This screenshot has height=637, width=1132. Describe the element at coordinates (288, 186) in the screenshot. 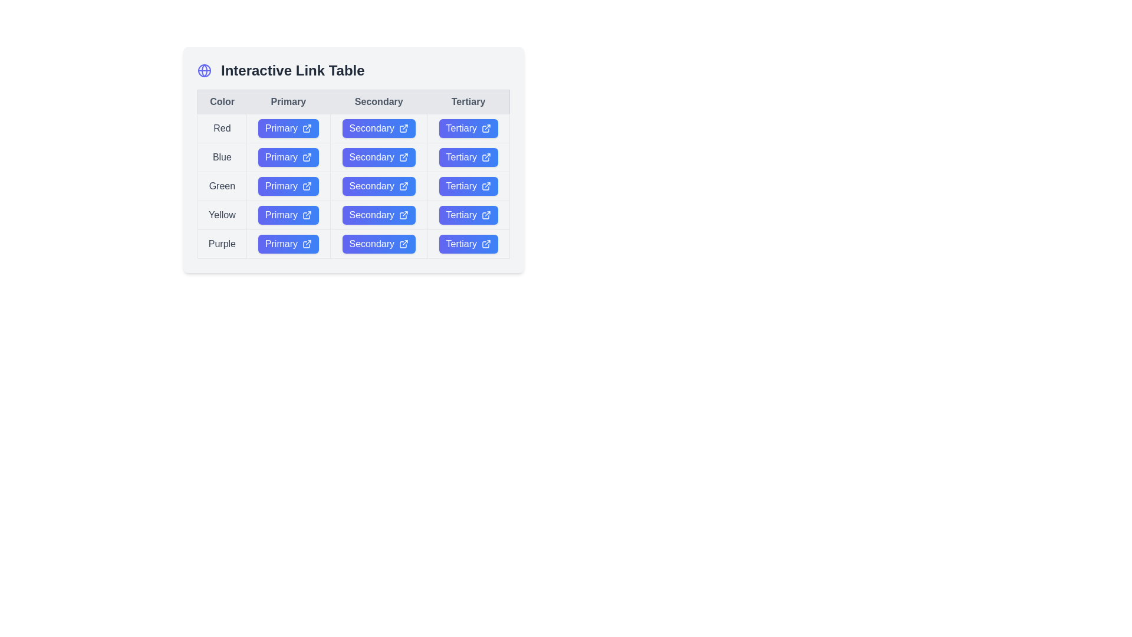

I see `the 'Primary' button with an external link icon located in the third row of the 'Primary' column in the 'Interactive Link Table'` at that location.